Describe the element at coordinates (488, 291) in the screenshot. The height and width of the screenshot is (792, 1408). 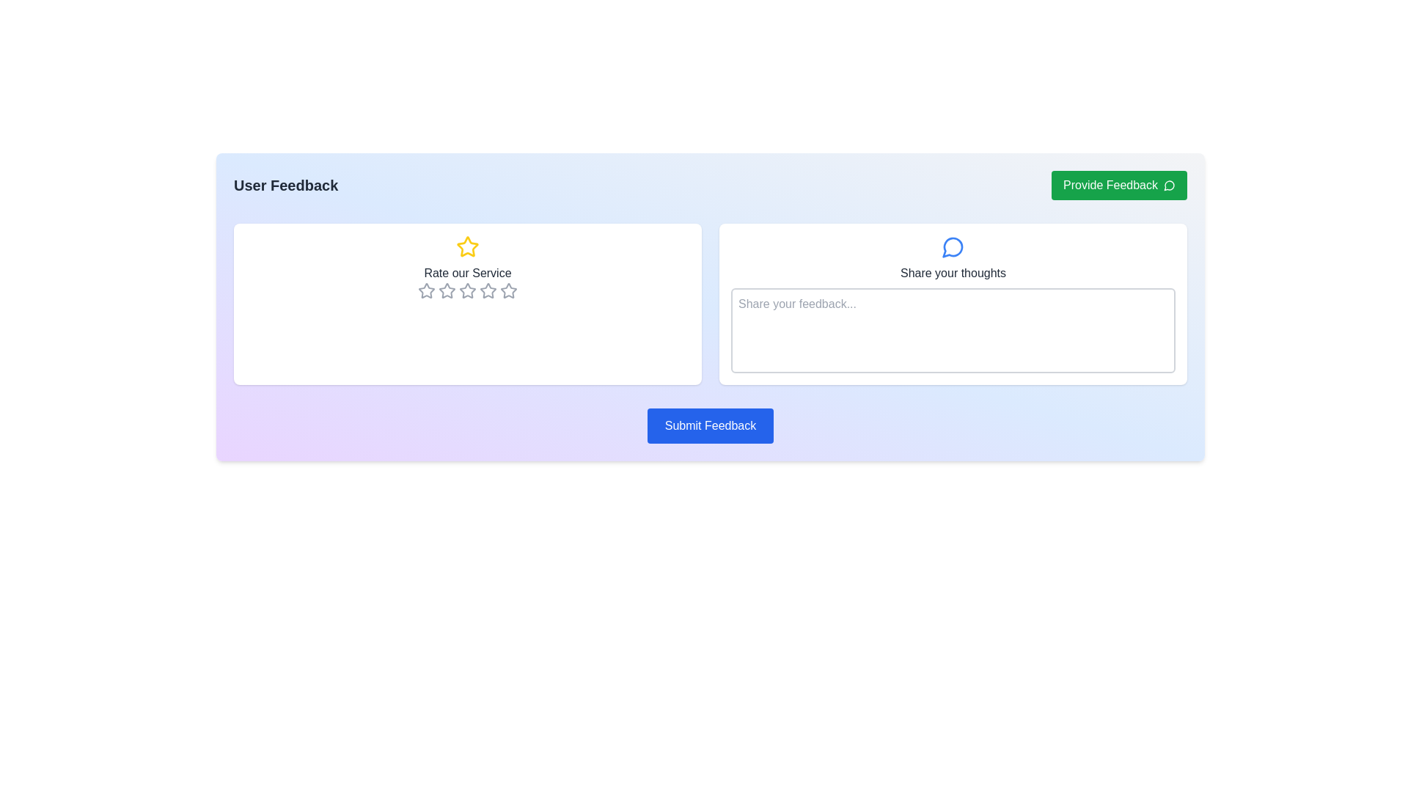
I see `the fourth star icon in the rating section` at that location.